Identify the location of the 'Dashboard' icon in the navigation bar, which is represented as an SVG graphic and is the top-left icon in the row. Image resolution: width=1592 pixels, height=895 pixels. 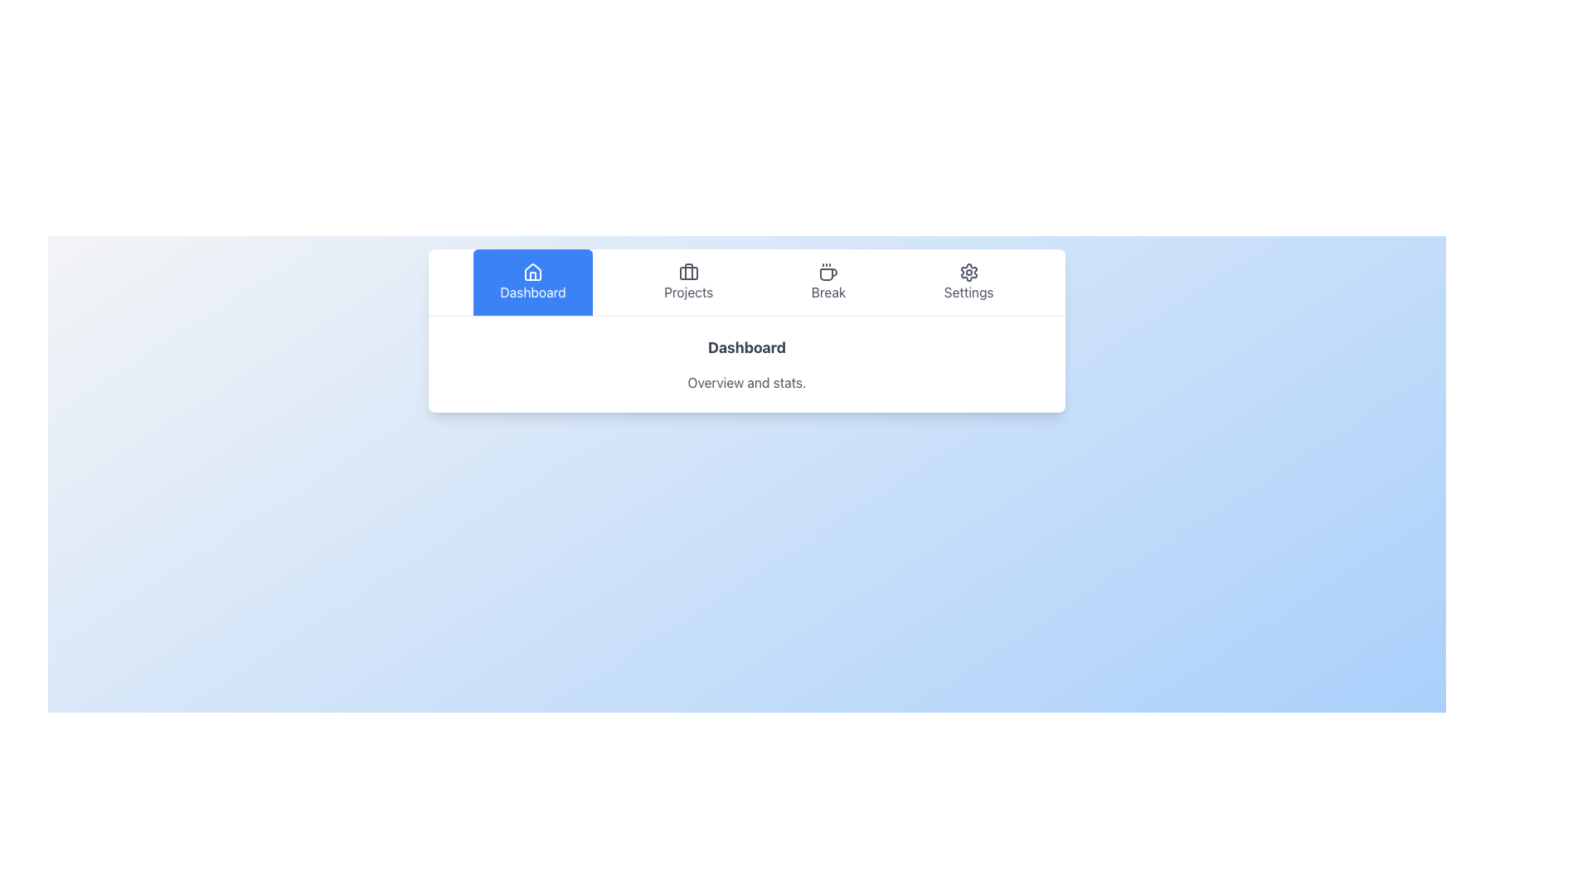
(533, 271).